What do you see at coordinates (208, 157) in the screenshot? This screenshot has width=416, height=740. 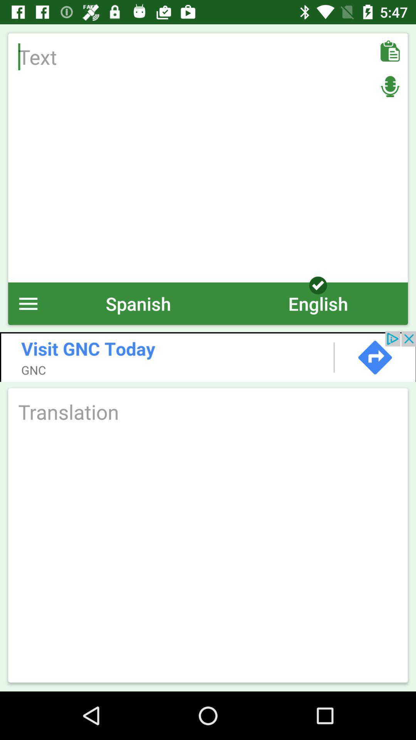 I see `enter text` at bounding box center [208, 157].